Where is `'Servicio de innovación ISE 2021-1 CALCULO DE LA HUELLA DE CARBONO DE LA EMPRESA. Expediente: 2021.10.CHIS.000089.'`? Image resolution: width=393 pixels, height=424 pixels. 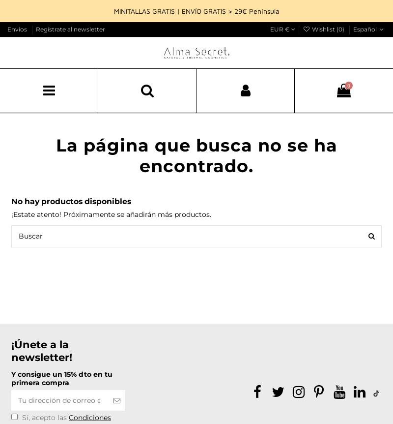 'Servicio de innovación ISE 2021-1 CALCULO DE LA HUELLA DE CARBONO DE LA EMPRESA. Expediente: 2021.10.CHIS.000089.' is located at coordinates (96, 406).